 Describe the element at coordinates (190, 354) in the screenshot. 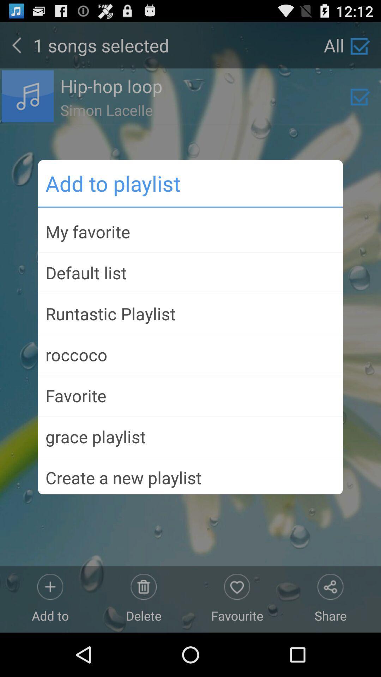

I see `the roccoco` at that location.